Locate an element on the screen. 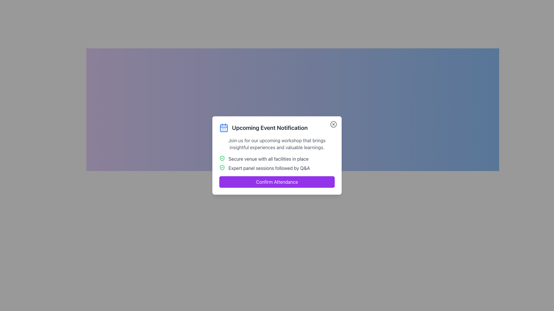 The height and width of the screenshot is (311, 554). the security icon located to the left of the text 'Secure venue with all facilities in place' is located at coordinates (222, 158).